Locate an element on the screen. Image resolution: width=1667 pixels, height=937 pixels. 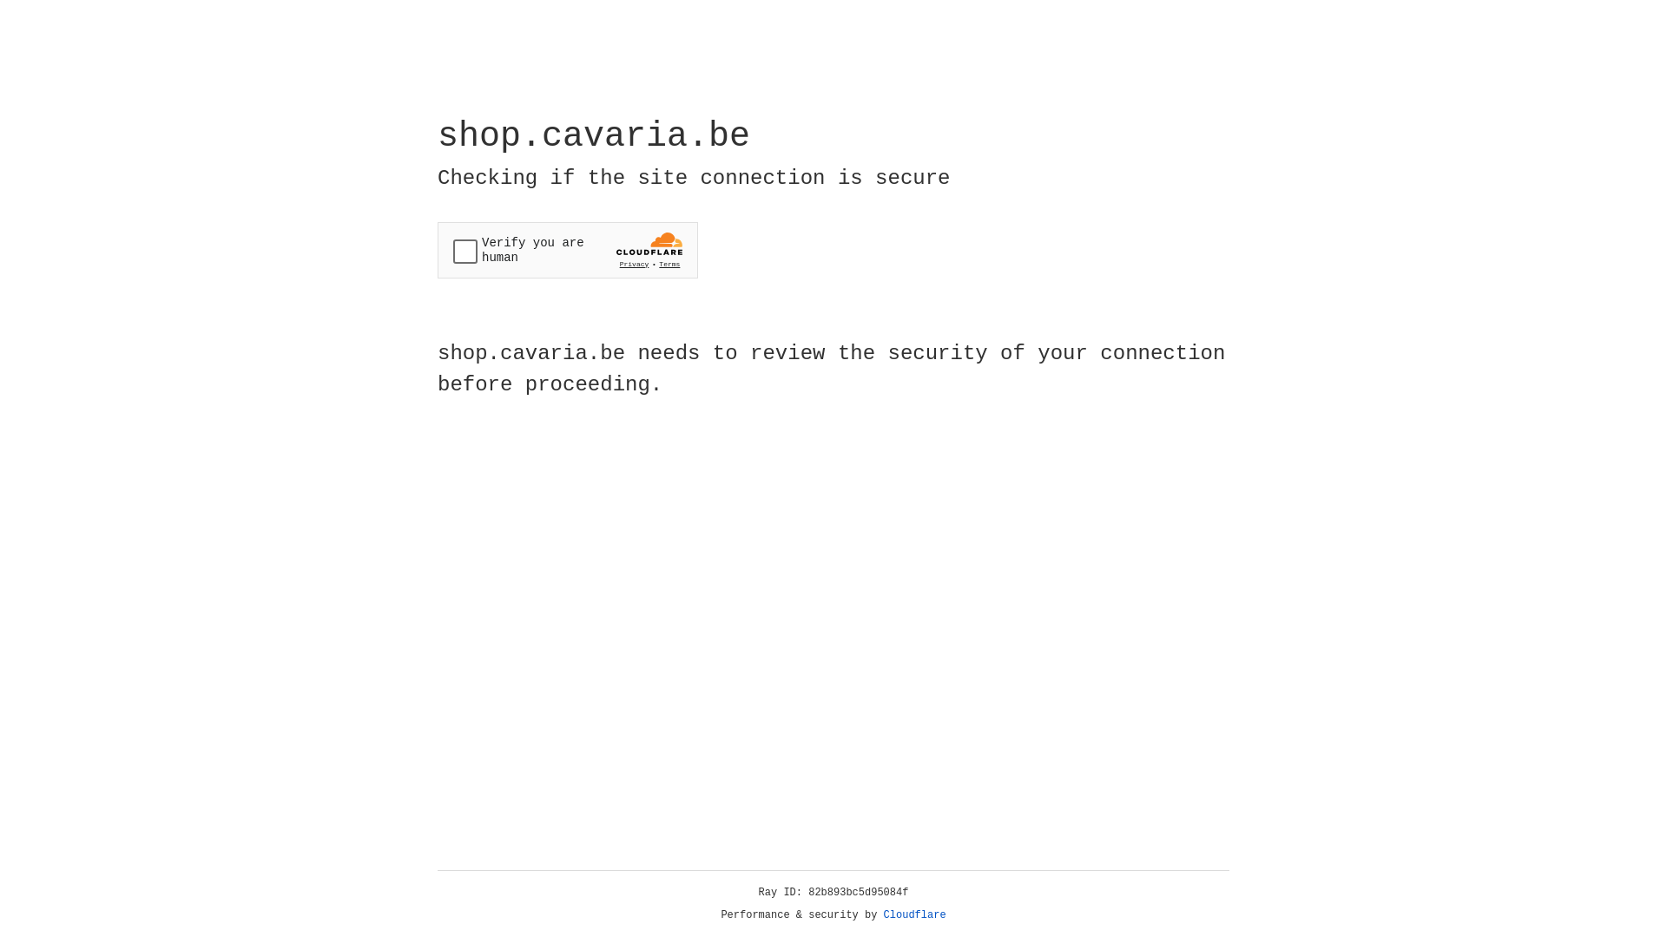
'Cloudflare' is located at coordinates (914, 914).